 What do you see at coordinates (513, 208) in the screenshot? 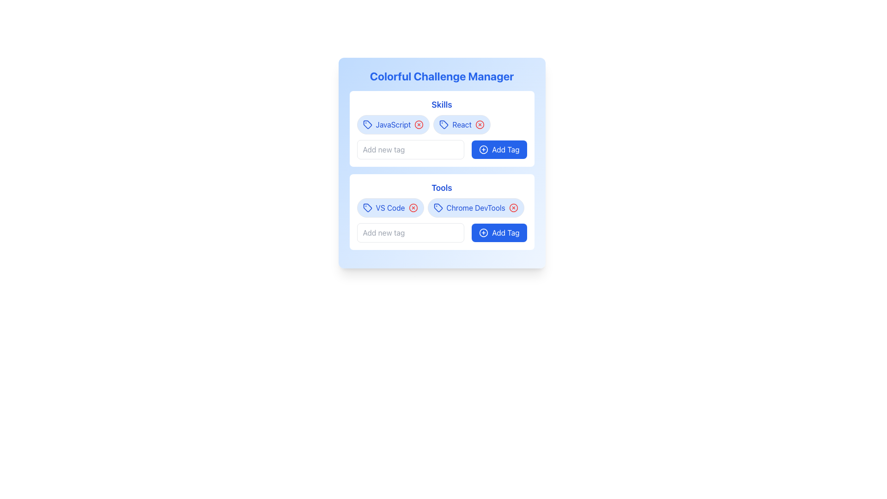
I see `the SVG circle located in the top-right corner of the 'Chrome DevTools' tag within the 'Tools' section, which indicates a removable status for the tag` at bounding box center [513, 208].